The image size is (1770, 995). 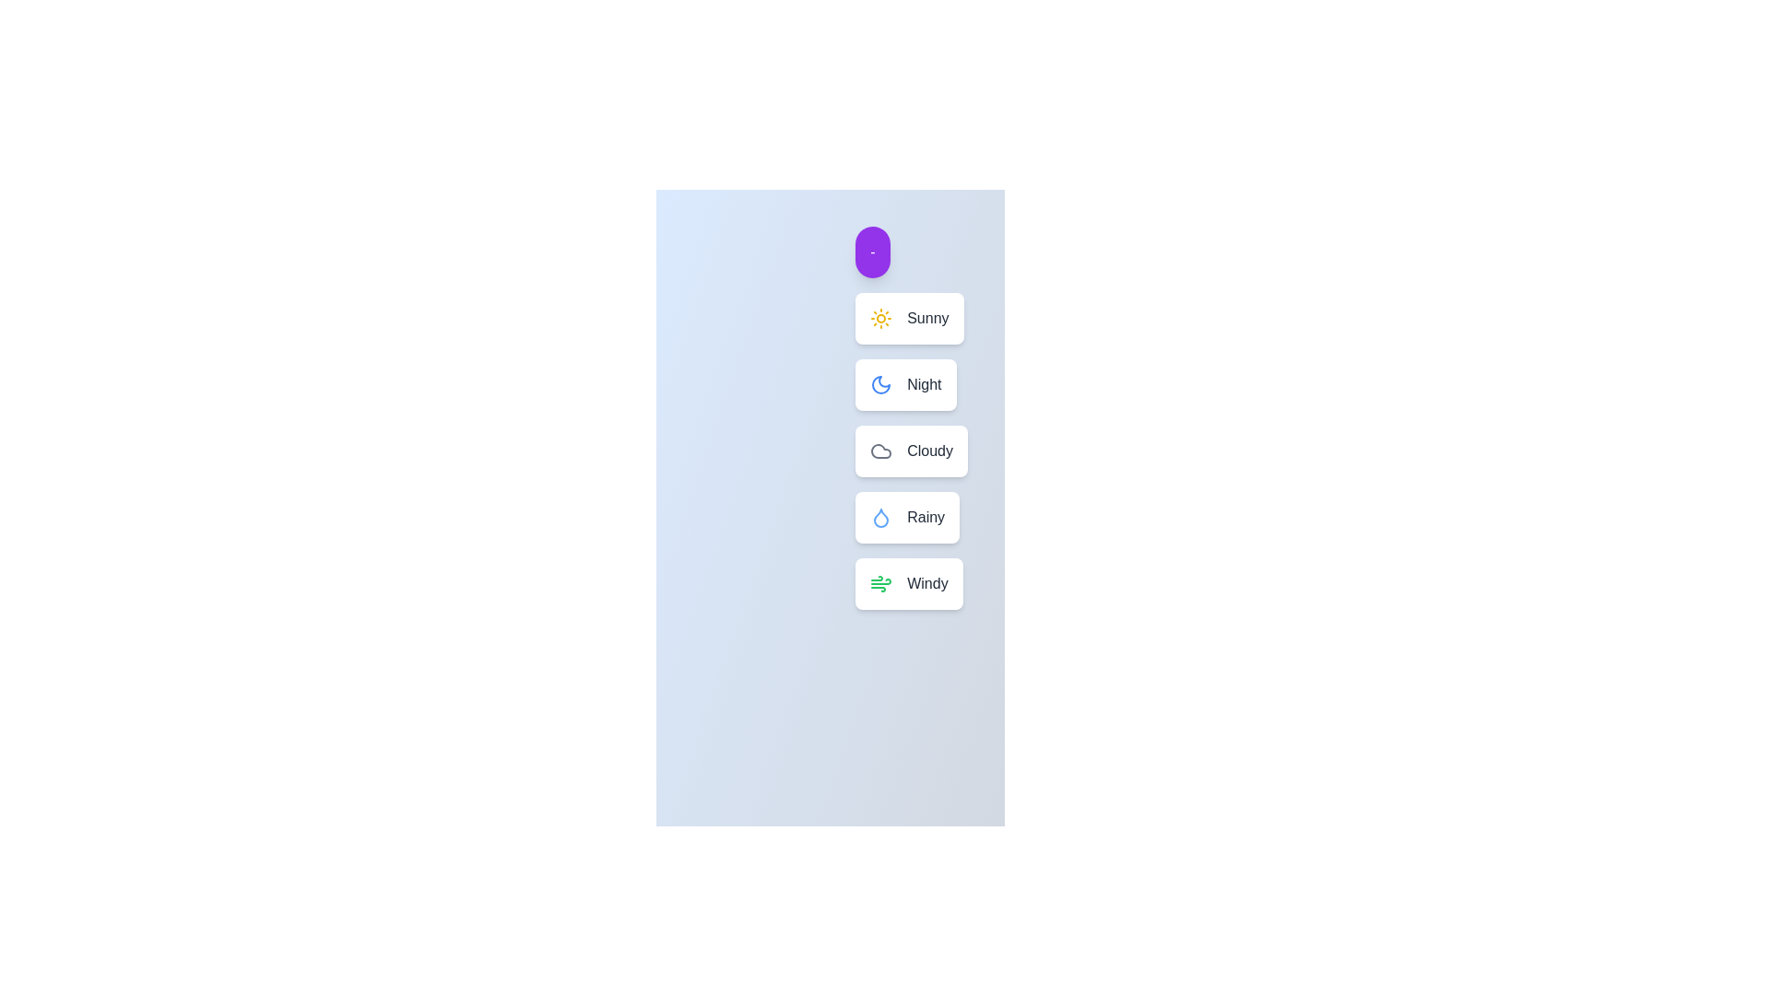 I want to click on the weather option Night by clicking on its corresponding button, so click(x=905, y=383).